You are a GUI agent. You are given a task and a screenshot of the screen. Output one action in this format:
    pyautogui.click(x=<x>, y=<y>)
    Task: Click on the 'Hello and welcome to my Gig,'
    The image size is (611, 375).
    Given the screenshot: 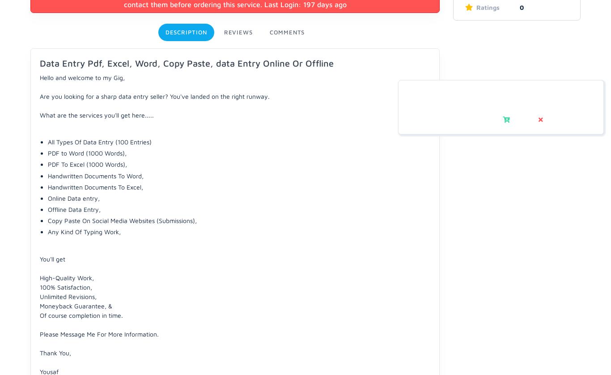 What is the action you would take?
    pyautogui.click(x=40, y=77)
    